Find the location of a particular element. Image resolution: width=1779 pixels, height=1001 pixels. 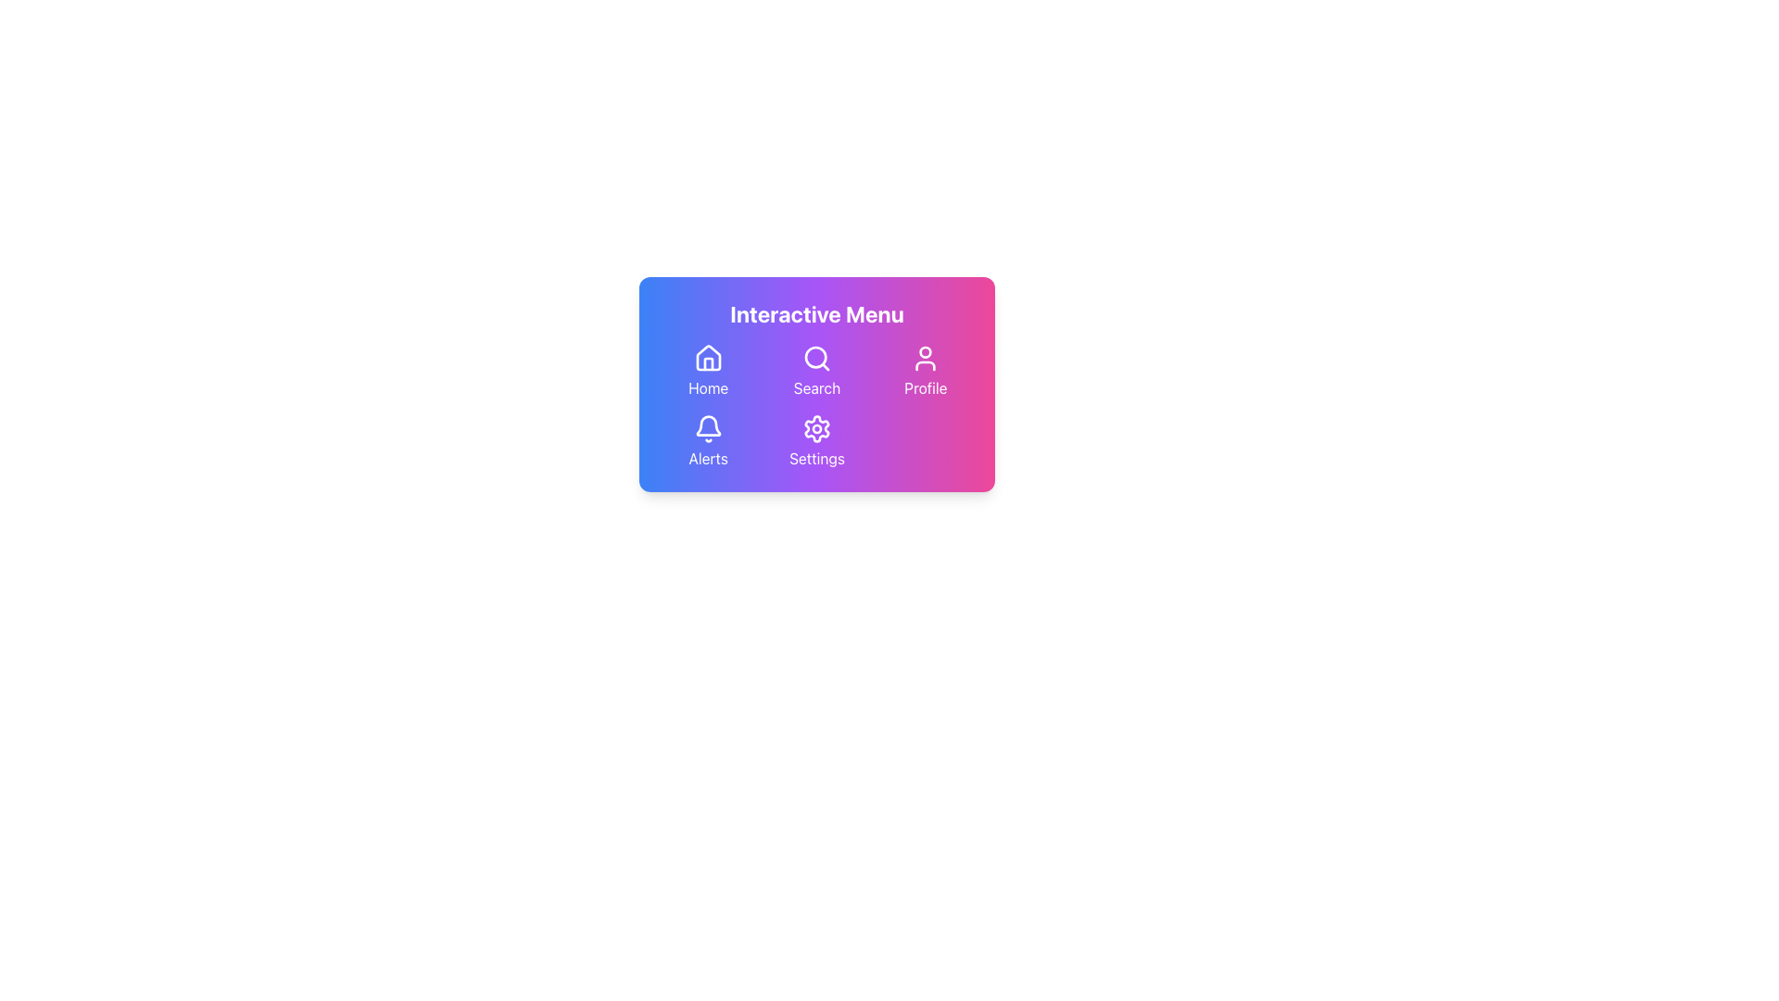

the circle element that is part of the 'Search' icon in the interactive menu is located at coordinates (815, 357).